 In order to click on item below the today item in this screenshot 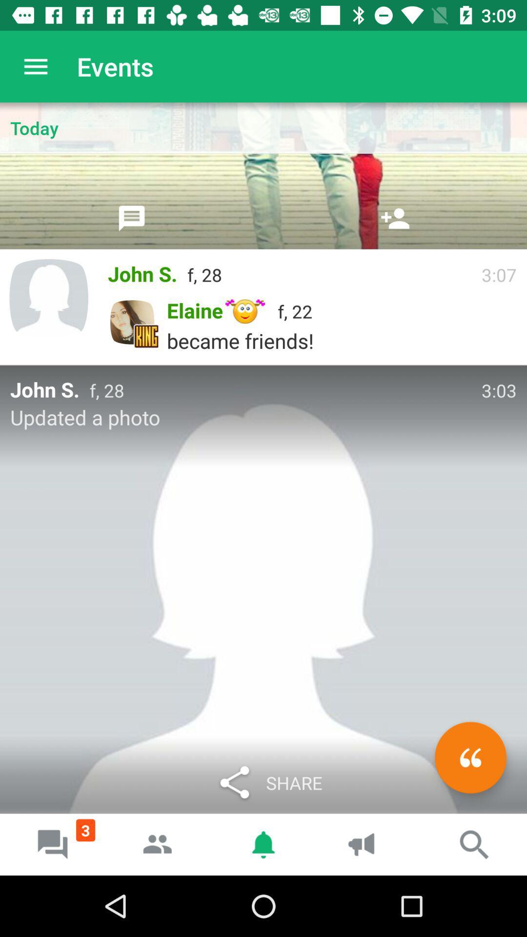, I will do `click(132, 218)`.